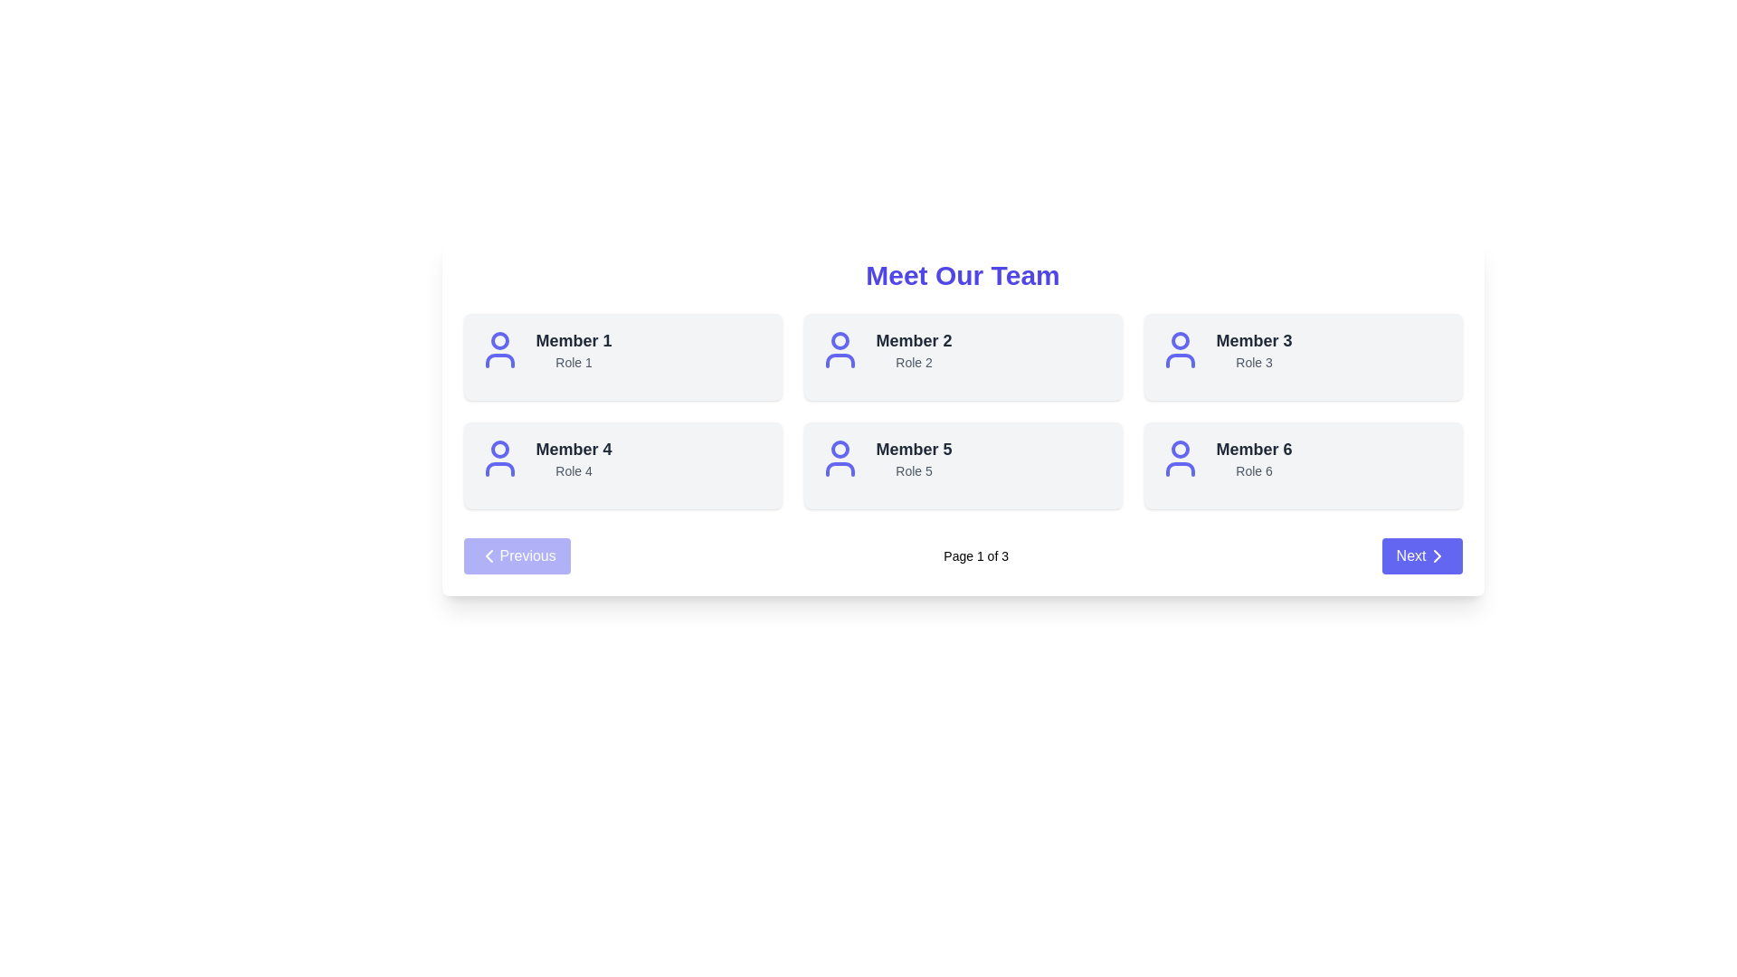  What do you see at coordinates (516, 555) in the screenshot?
I see `the 'Previous' button, which is a rectangular button with a light blue background and contains the label 'Previous' in white text with a left-pointing arrow icon` at bounding box center [516, 555].